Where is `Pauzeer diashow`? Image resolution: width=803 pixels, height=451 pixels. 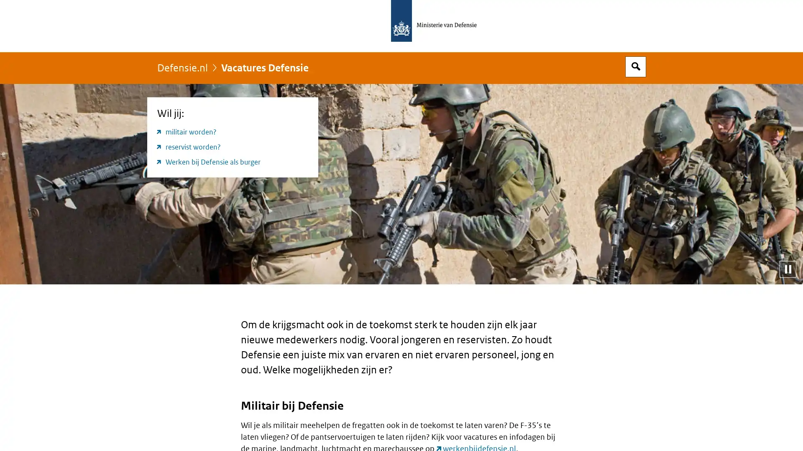
Pauzeer diashow is located at coordinates (787, 269).